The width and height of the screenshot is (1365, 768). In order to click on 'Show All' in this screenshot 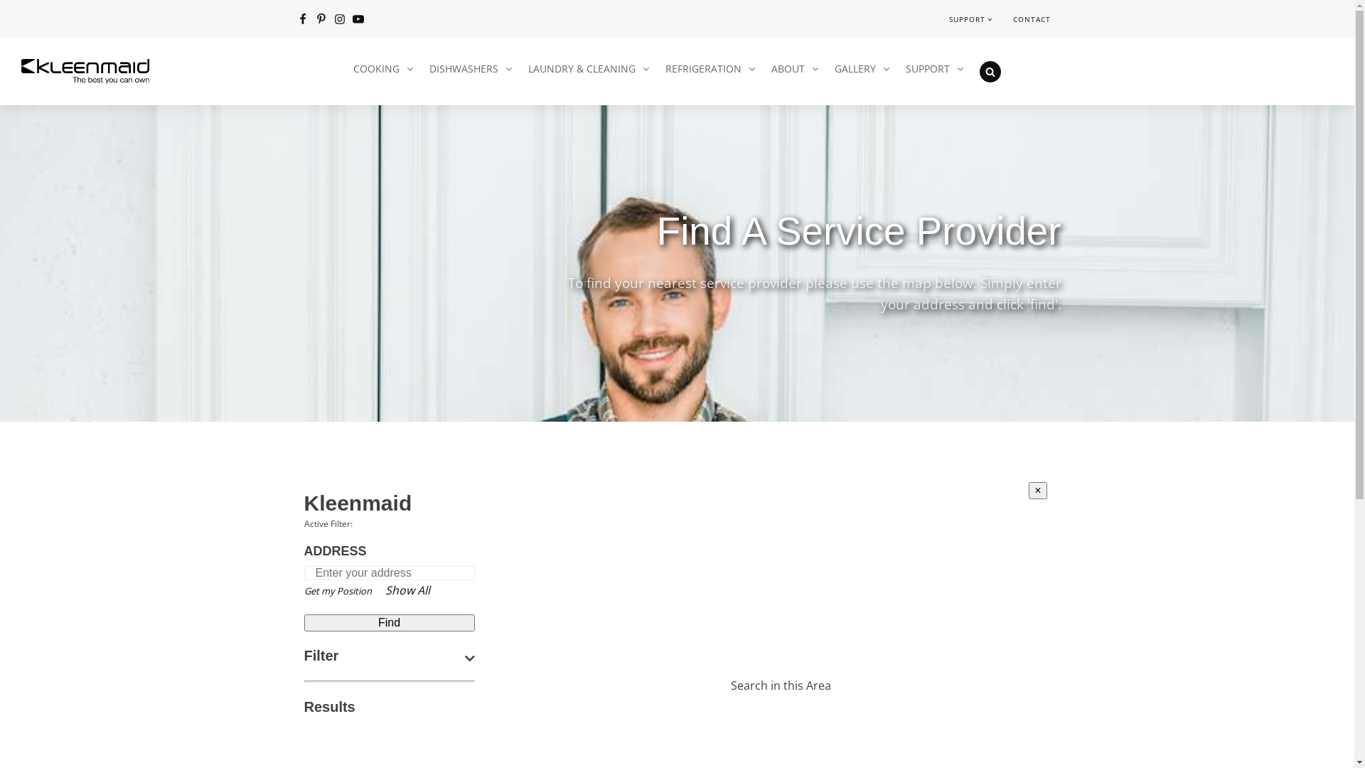, I will do `click(407, 590)`.